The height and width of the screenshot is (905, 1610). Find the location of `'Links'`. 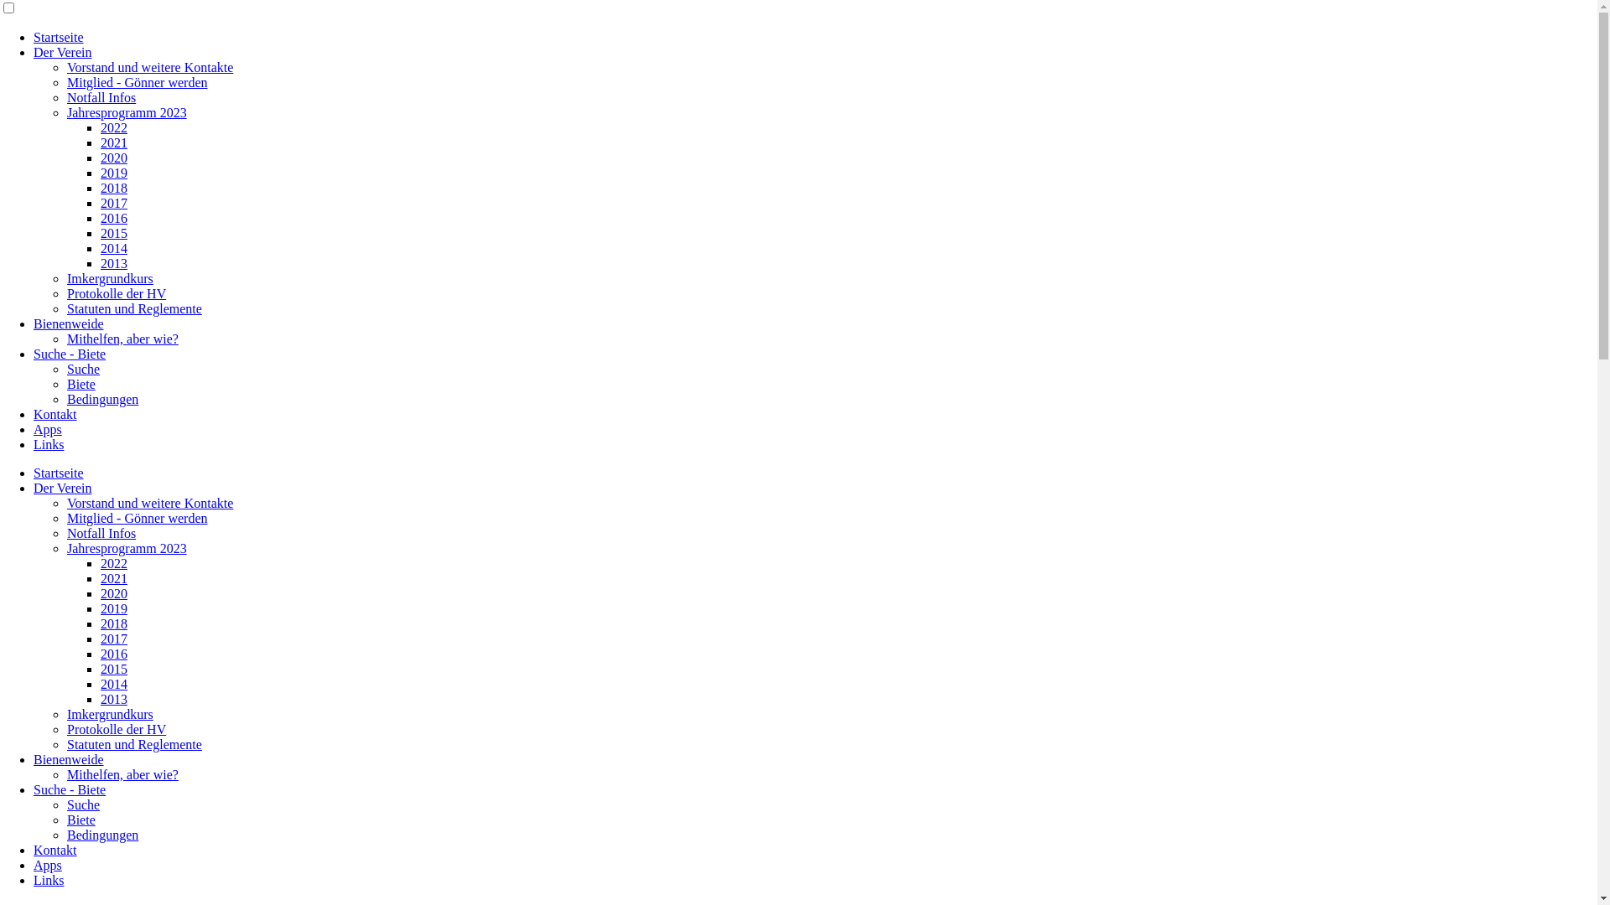

'Links' is located at coordinates (48, 879).